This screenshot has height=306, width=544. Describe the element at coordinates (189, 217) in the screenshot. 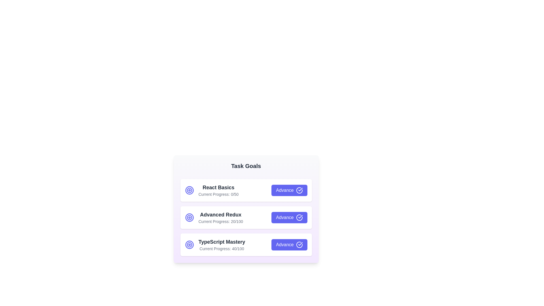

I see `the outermost circle of the concentric set of circles representing a target, located adjacent to the 'Advanced Redux' text in the 'Task Goals' section` at that location.